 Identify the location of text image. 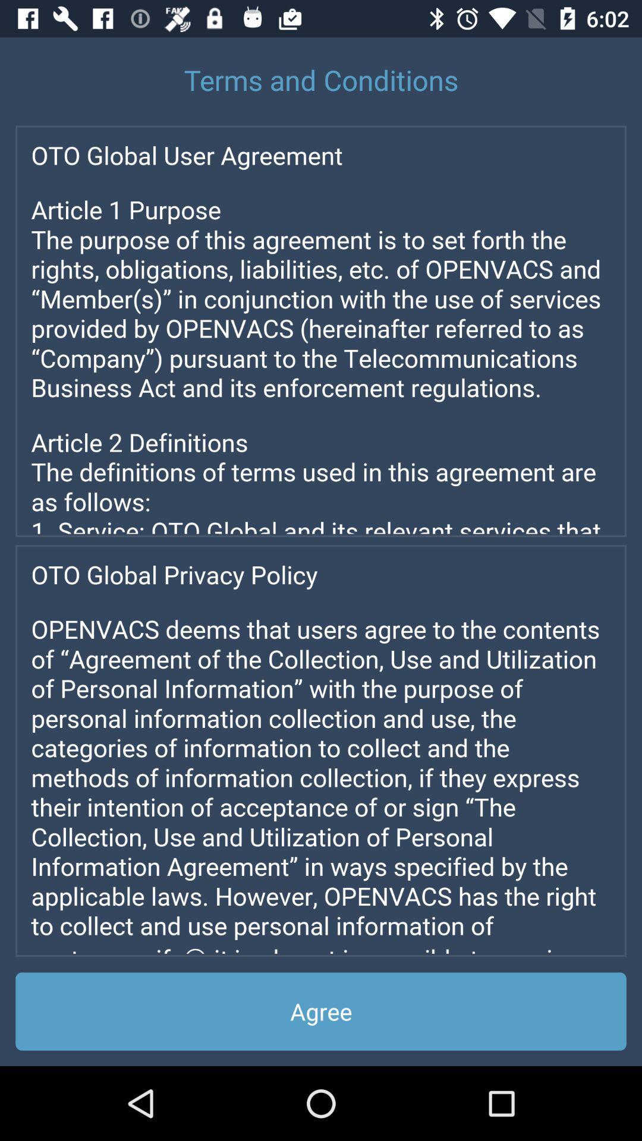
(321, 750).